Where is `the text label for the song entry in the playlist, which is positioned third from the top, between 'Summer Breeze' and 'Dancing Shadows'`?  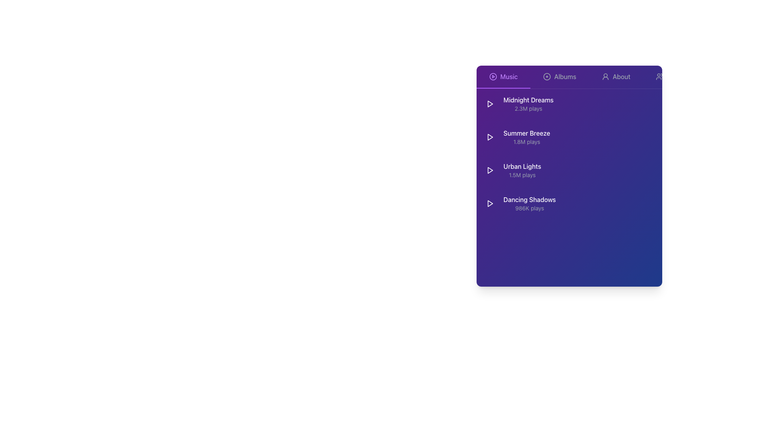 the text label for the song entry in the playlist, which is positioned third from the top, between 'Summer Breeze' and 'Dancing Shadows' is located at coordinates (522, 166).